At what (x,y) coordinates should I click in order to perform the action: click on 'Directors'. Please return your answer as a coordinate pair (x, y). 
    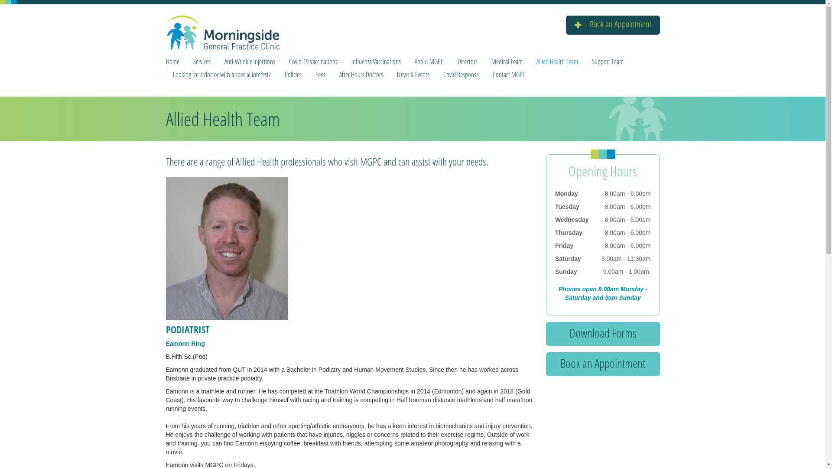
    Looking at the image, I should click on (467, 61).